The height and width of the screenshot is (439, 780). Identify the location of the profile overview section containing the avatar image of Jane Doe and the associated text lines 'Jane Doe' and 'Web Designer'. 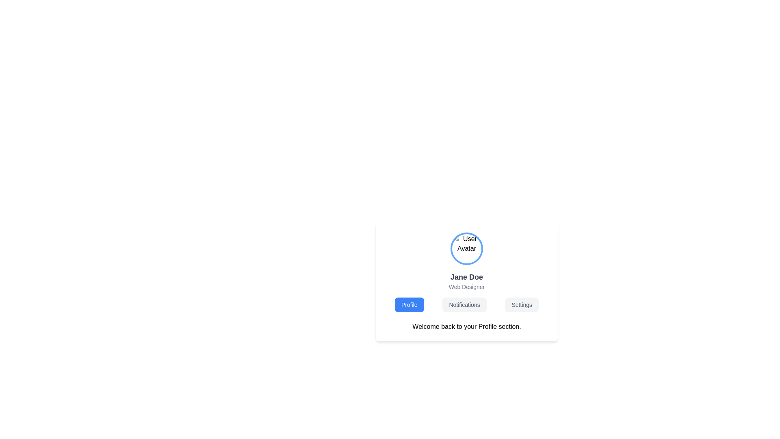
(466, 262).